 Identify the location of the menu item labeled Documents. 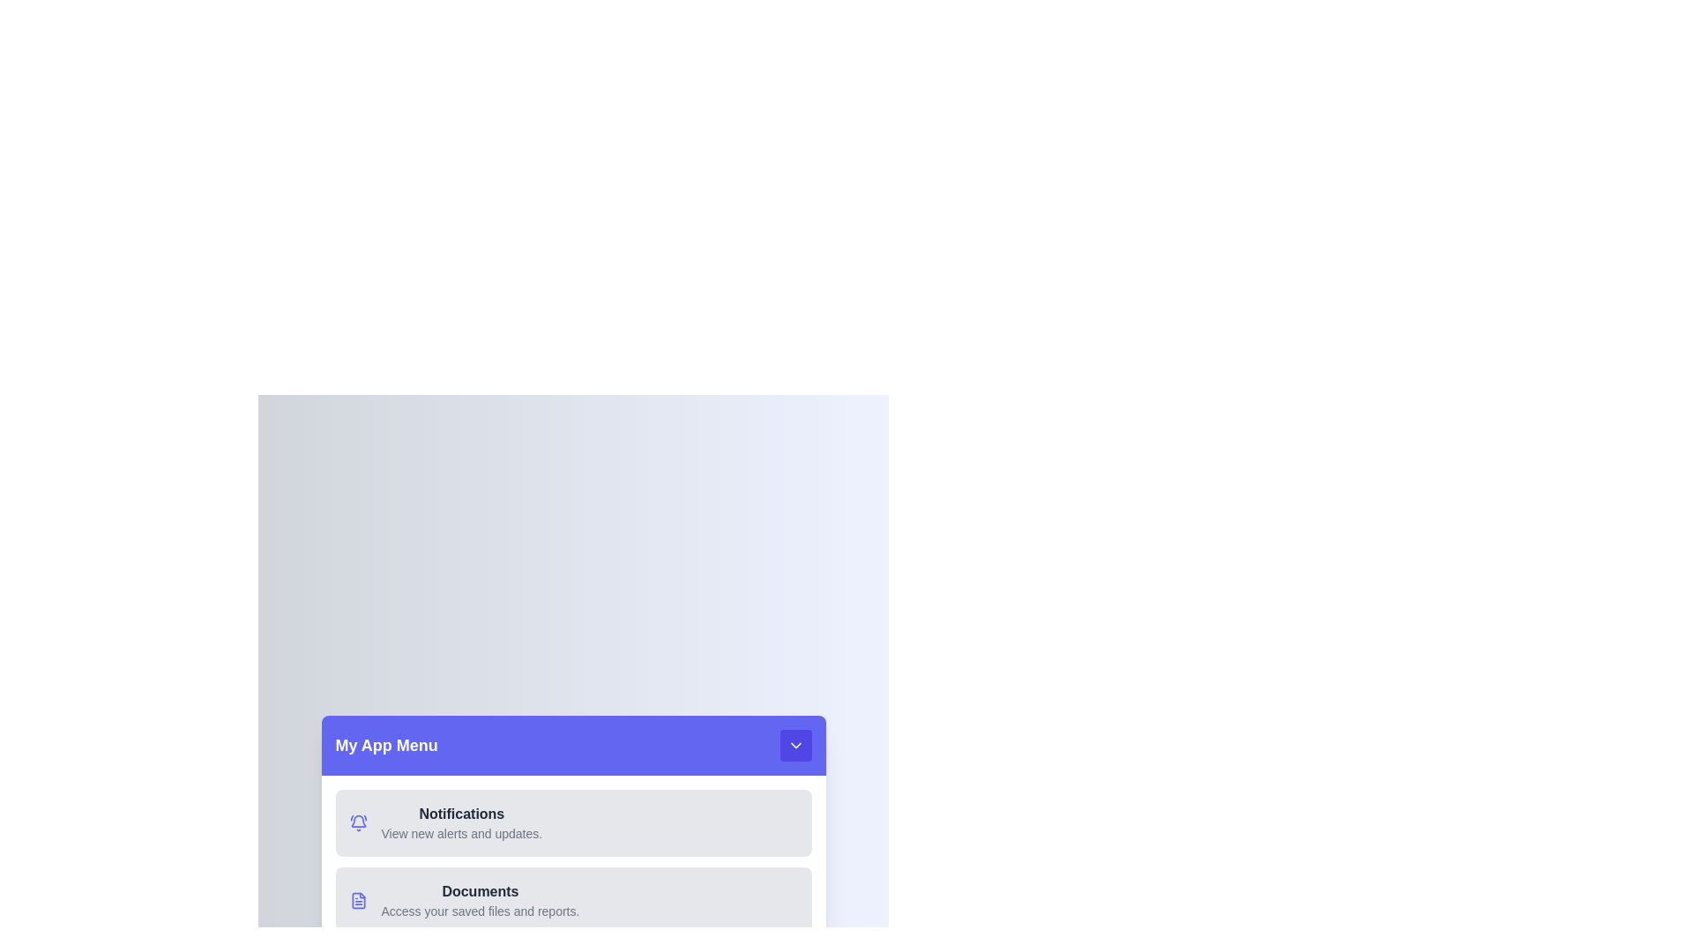
(573, 901).